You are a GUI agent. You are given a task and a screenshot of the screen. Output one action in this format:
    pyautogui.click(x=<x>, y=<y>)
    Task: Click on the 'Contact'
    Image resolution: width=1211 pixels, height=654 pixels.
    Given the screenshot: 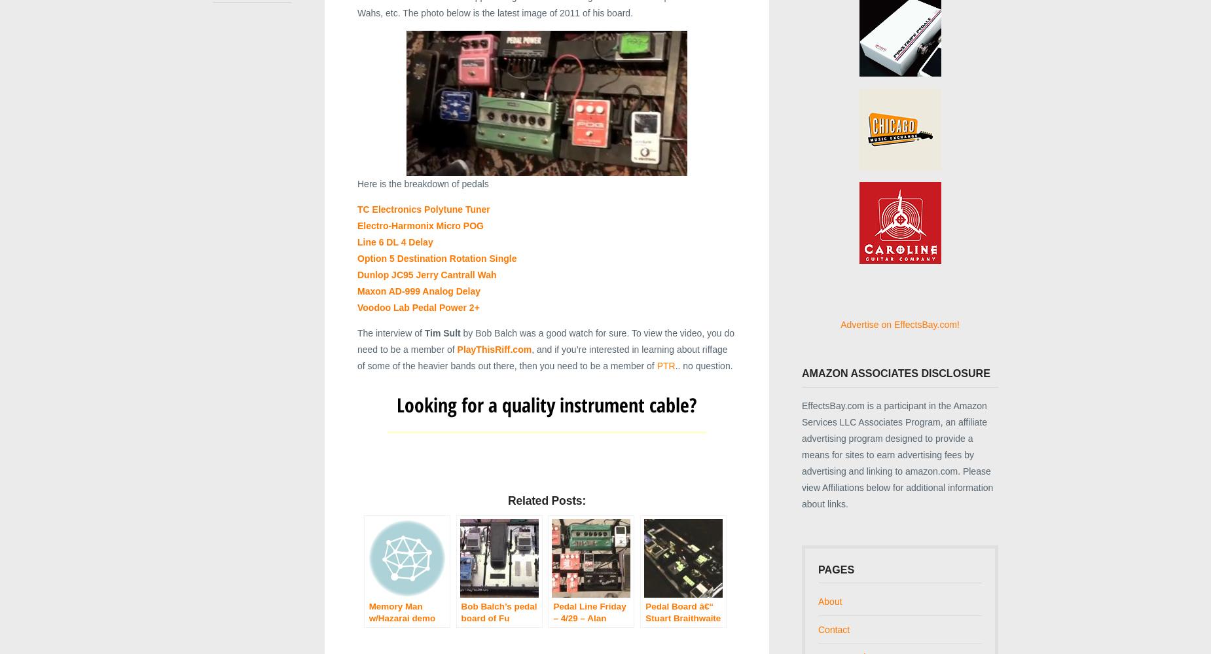 What is the action you would take?
    pyautogui.click(x=818, y=628)
    